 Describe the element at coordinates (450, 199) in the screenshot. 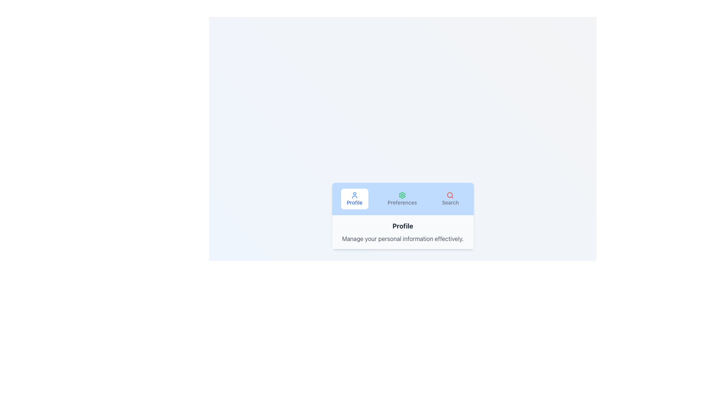

I see `the 'Search' button with a light blue background and a red search icon to change its appearance` at that location.